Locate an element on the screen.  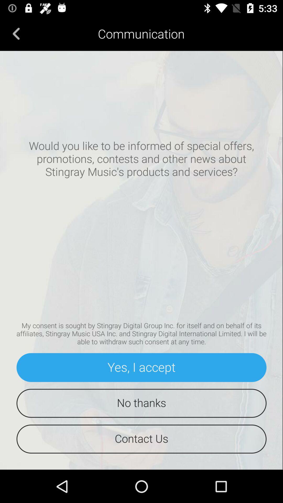
item to the left of the communication item is located at coordinates (16, 33).